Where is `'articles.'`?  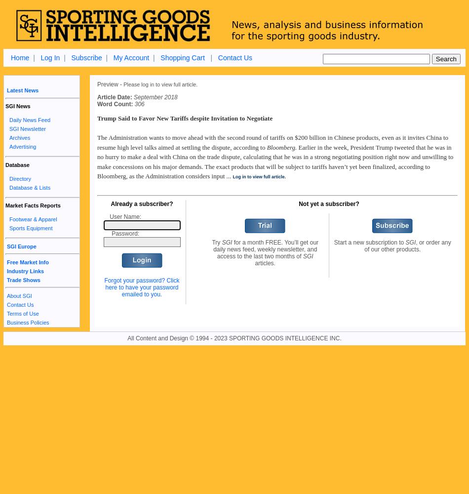 'articles.' is located at coordinates (265, 263).